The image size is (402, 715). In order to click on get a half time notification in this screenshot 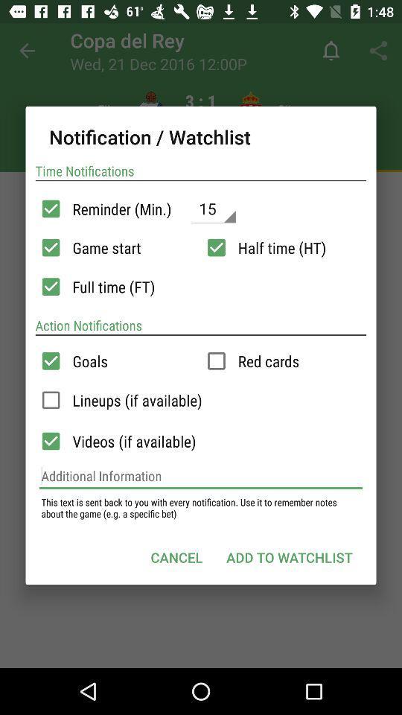, I will do `click(216, 247)`.